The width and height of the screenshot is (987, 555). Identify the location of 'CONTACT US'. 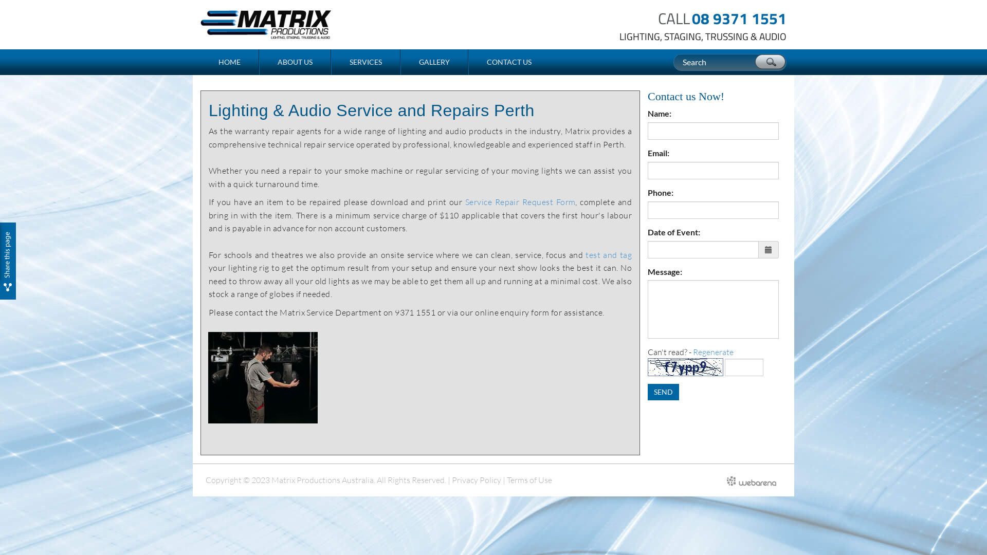
(508, 62).